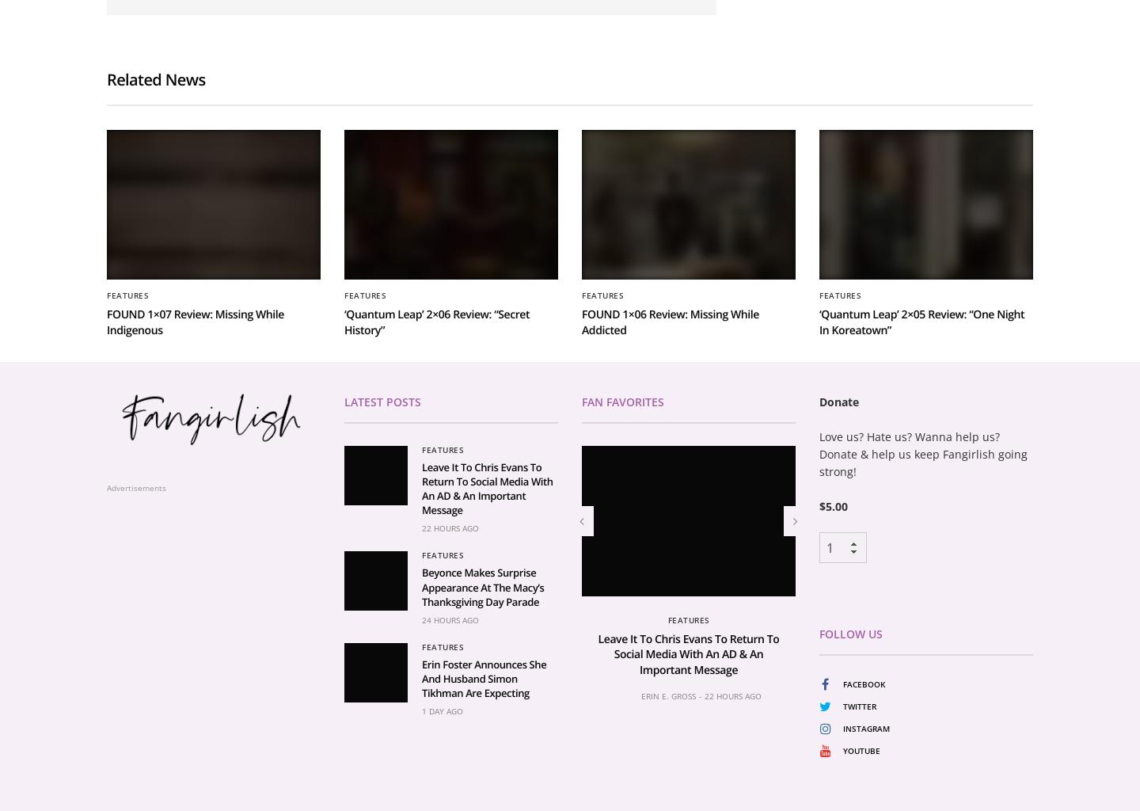 The height and width of the screenshot is (811, 1140). I want to click on 'Latest Posts', so click(344, 587).